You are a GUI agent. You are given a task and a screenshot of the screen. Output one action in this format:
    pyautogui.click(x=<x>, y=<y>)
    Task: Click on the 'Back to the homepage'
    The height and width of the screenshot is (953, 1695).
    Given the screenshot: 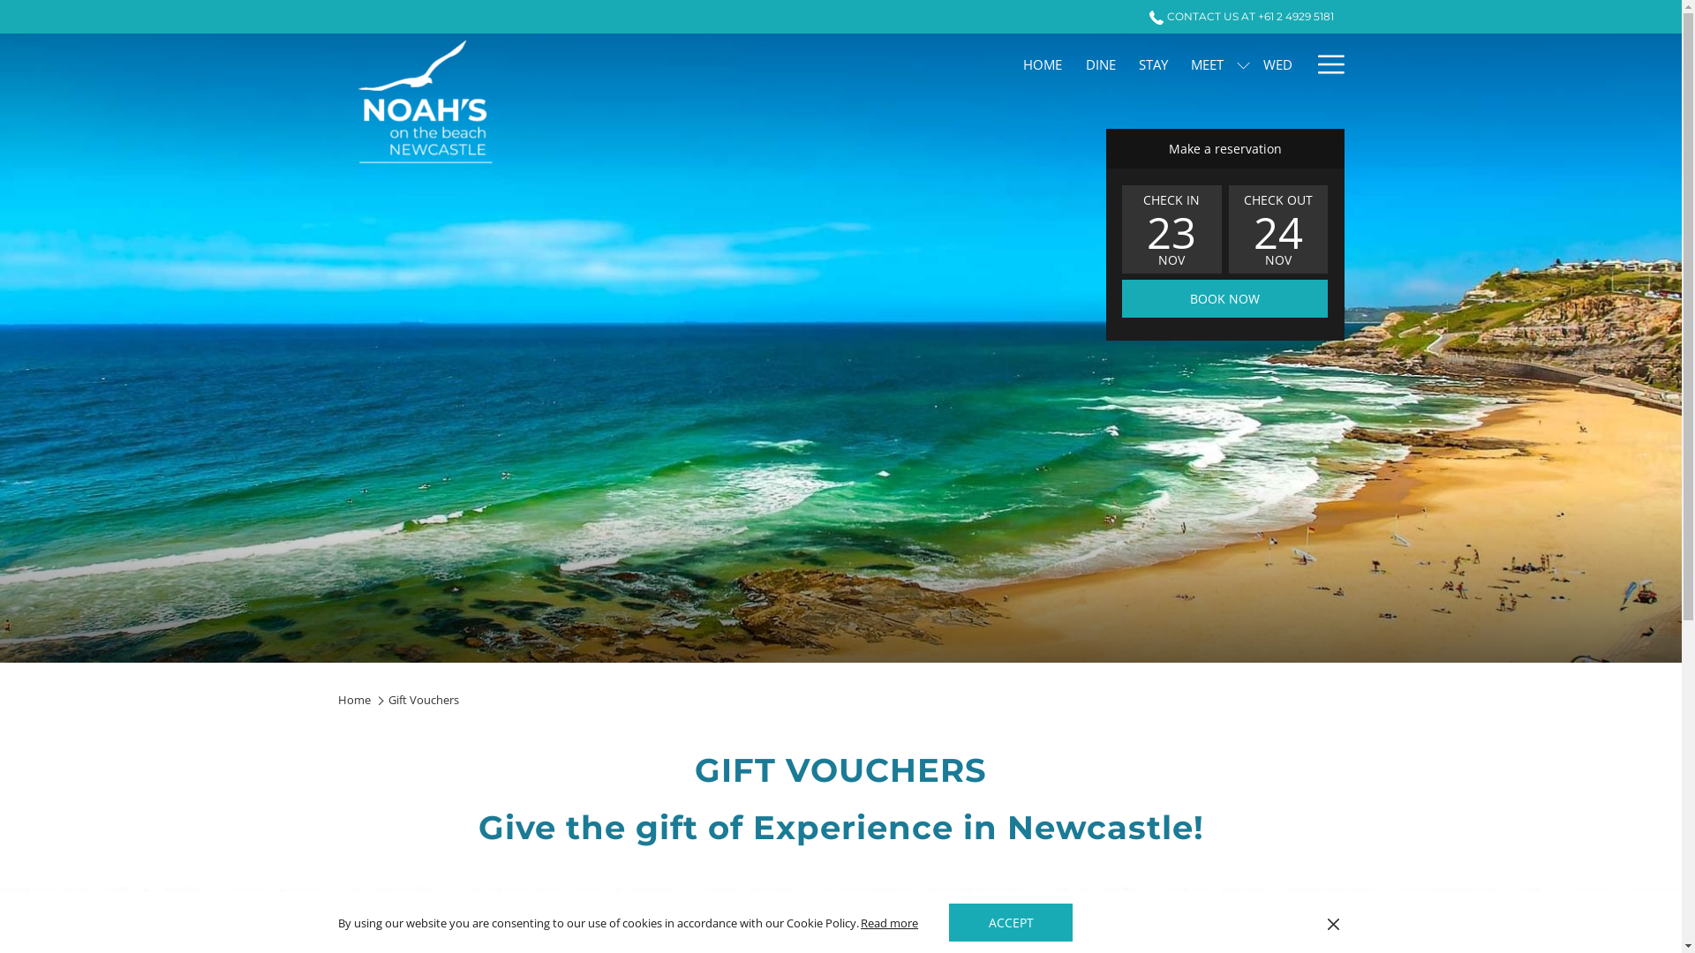 What is the action you would take?
    pyautogui.click(x=425, y=109)
    